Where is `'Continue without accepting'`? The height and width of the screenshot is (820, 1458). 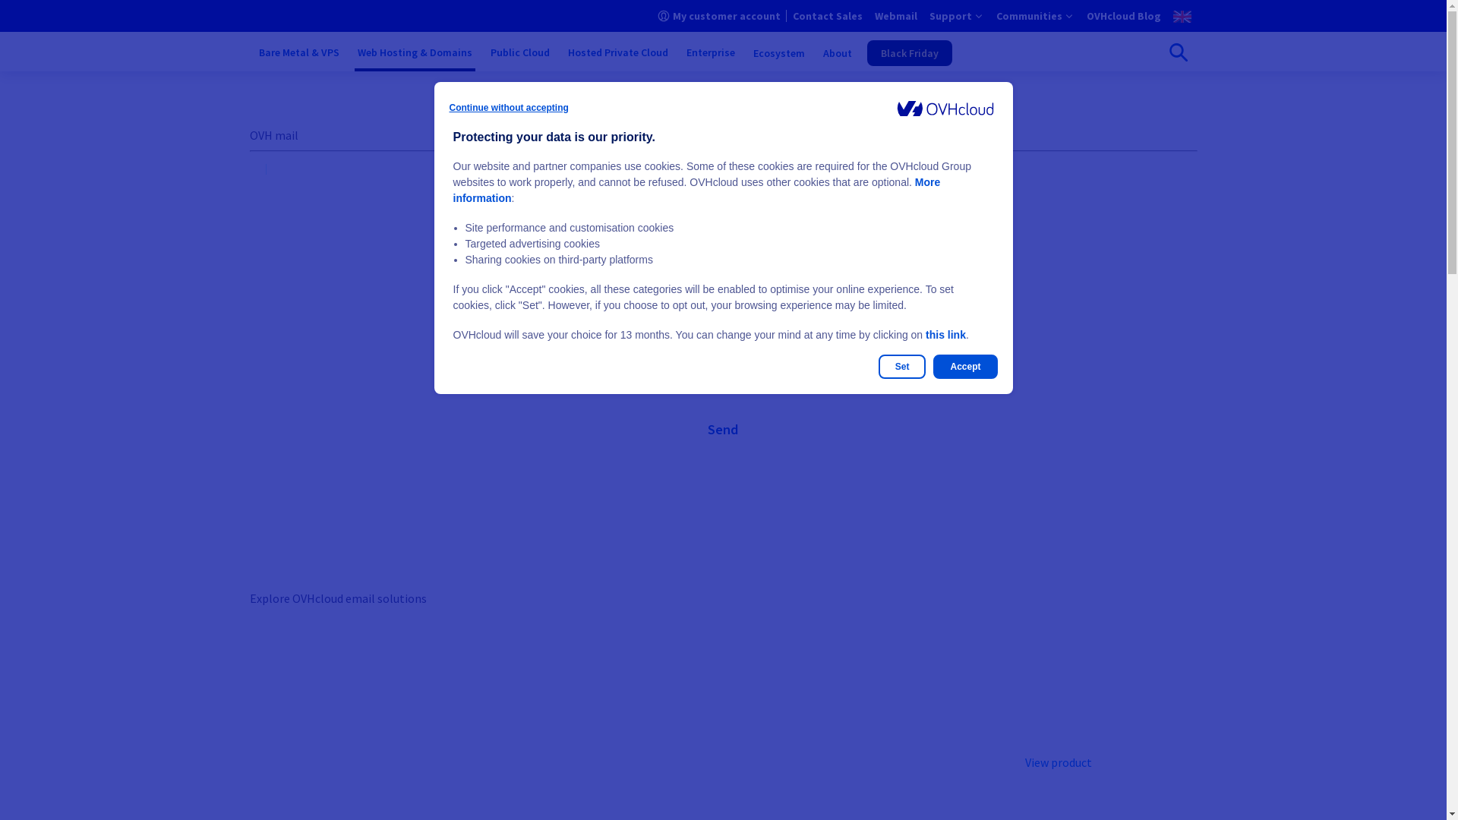
'Continue without accepting' is located at coordinates (509, 107).